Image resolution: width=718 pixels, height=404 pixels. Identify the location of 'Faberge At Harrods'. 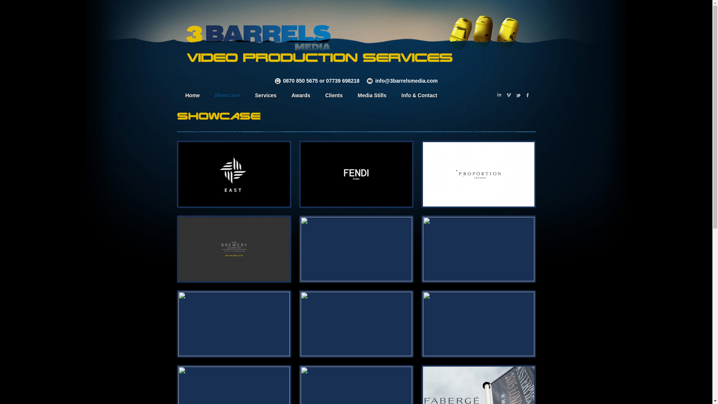
(177, 324).